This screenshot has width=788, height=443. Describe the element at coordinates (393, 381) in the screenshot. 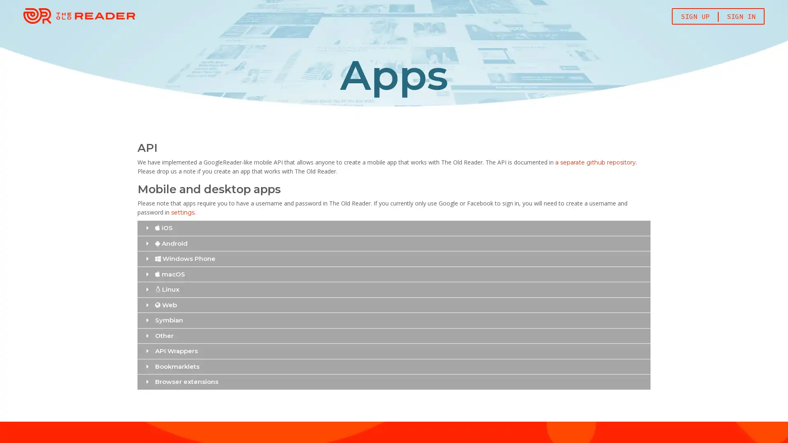

I see `Browser extensions` at that location.